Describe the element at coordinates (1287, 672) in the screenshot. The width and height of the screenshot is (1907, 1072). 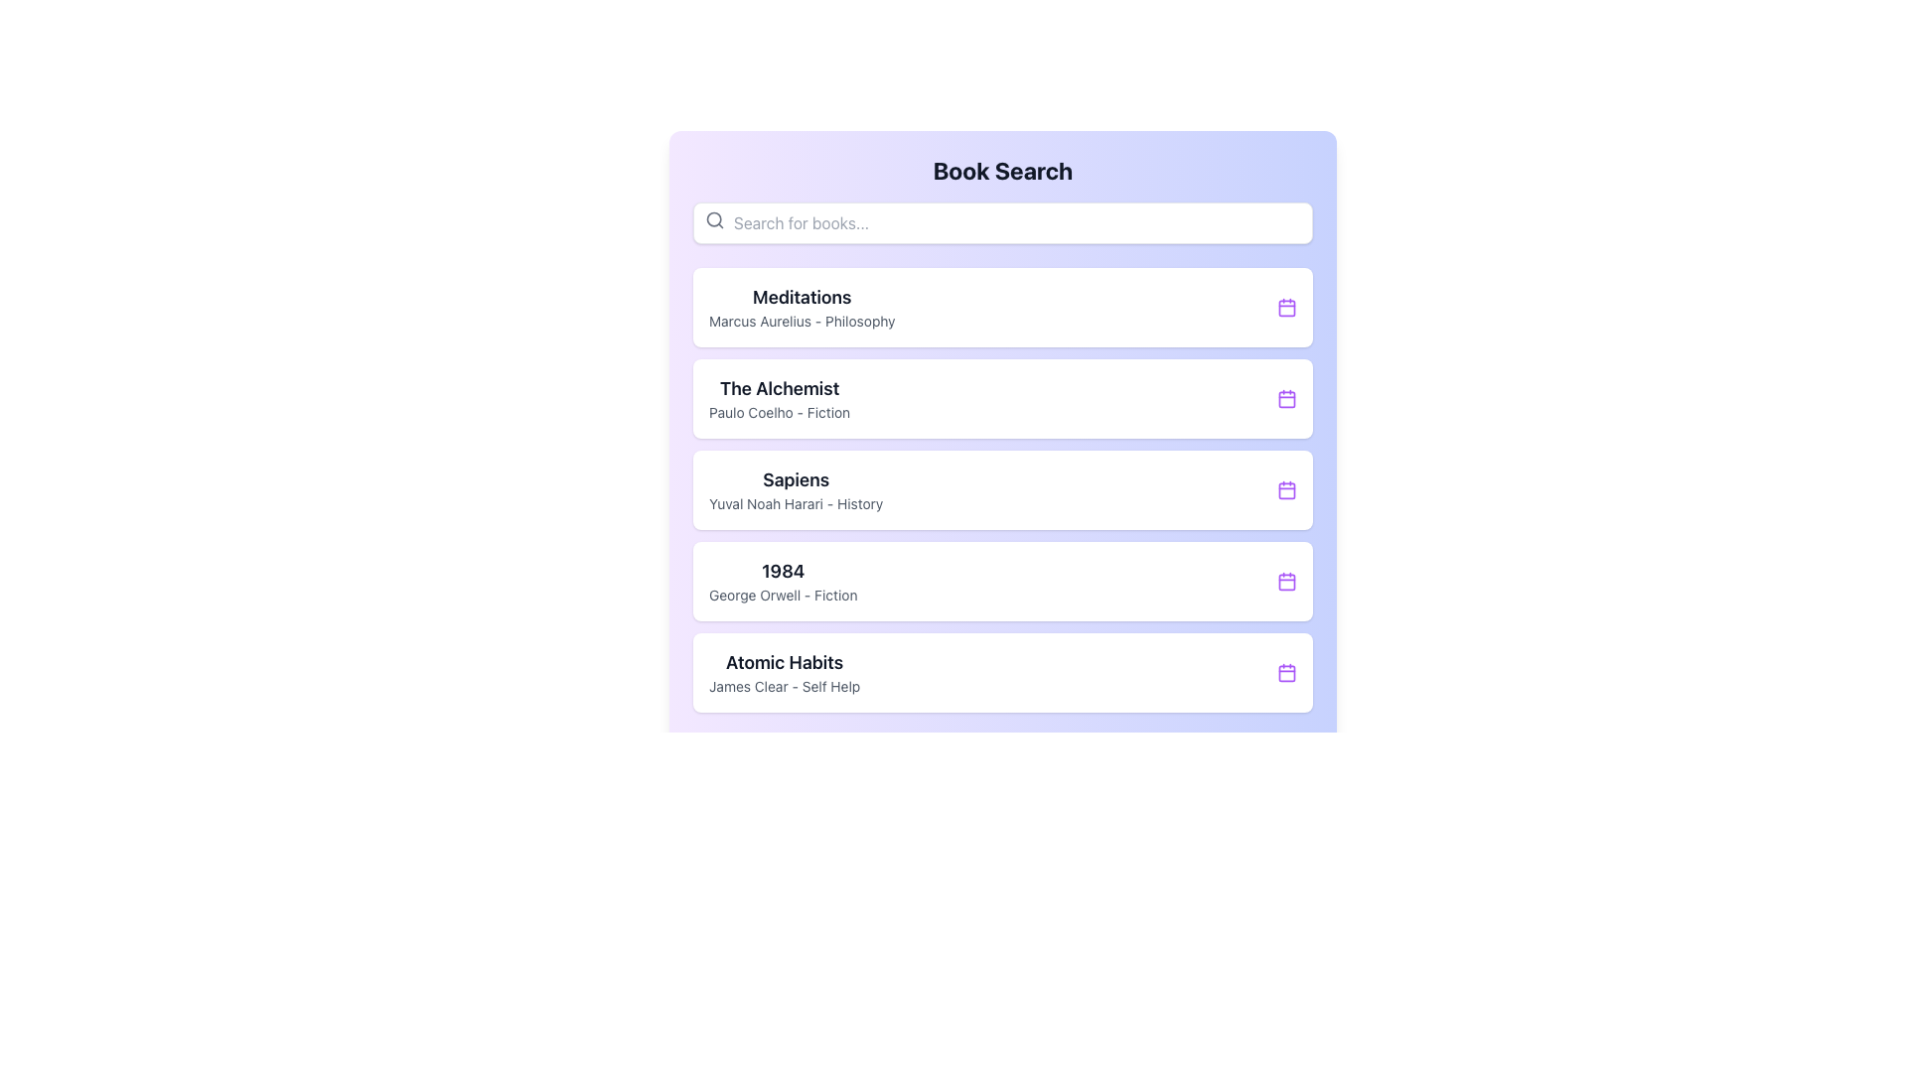
I see `the purple calendar icon located to the right of the text 'Atomic Habits James Clear - Self Help' in the book details section` at that location.